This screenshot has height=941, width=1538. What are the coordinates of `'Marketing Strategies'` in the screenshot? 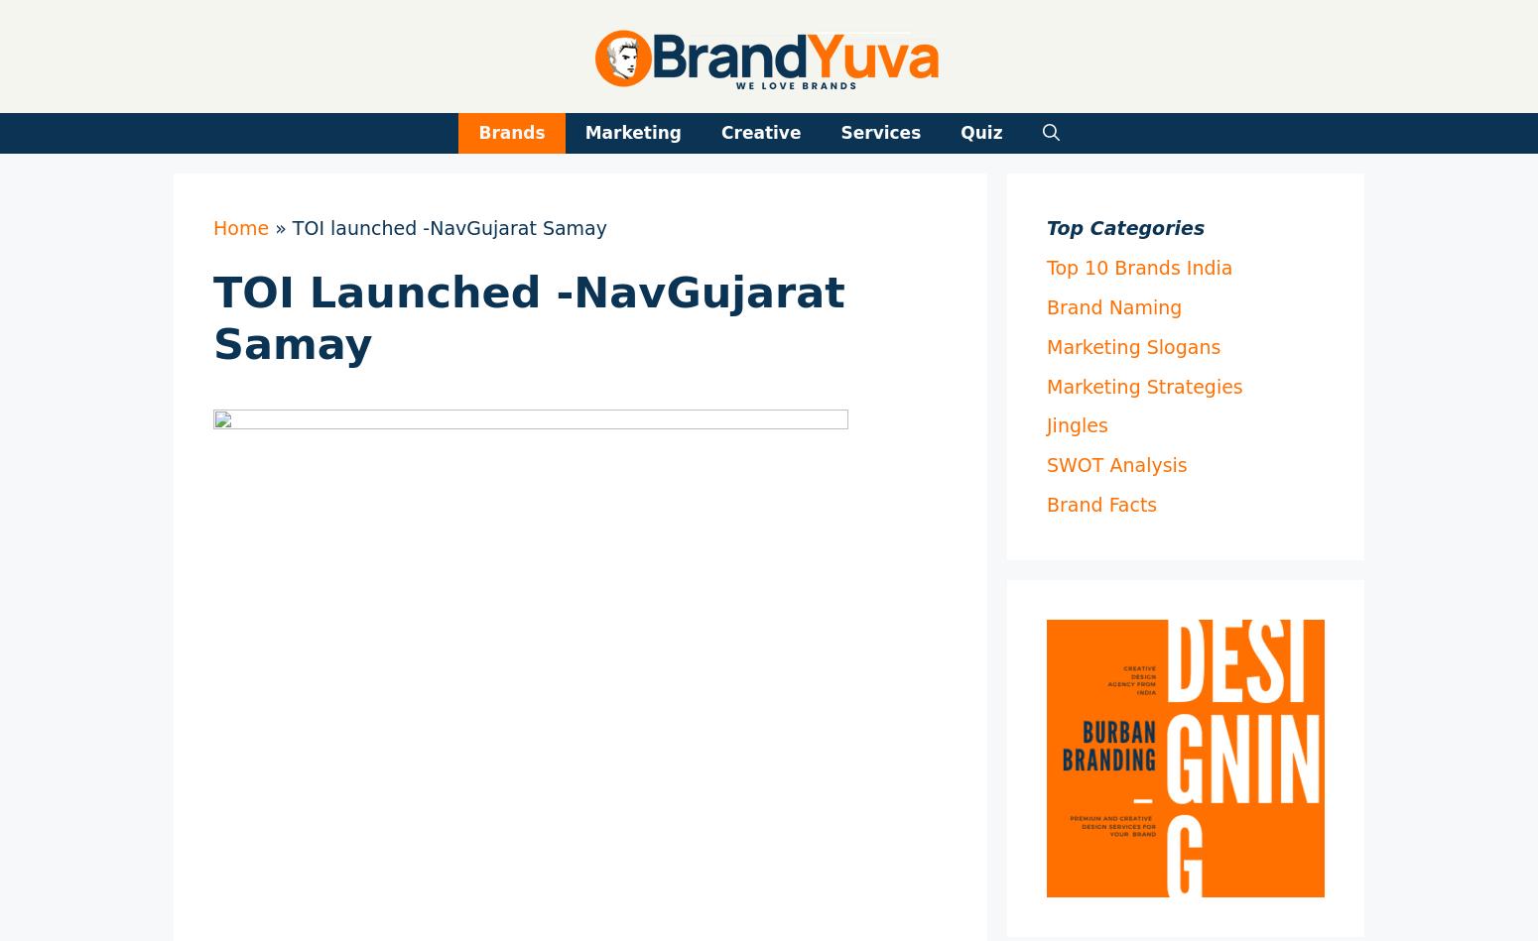 It's located at (1143, 385).